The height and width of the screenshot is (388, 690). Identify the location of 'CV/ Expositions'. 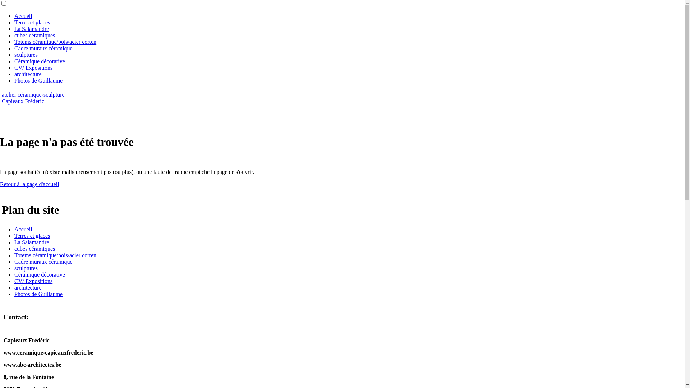
(33, 281).